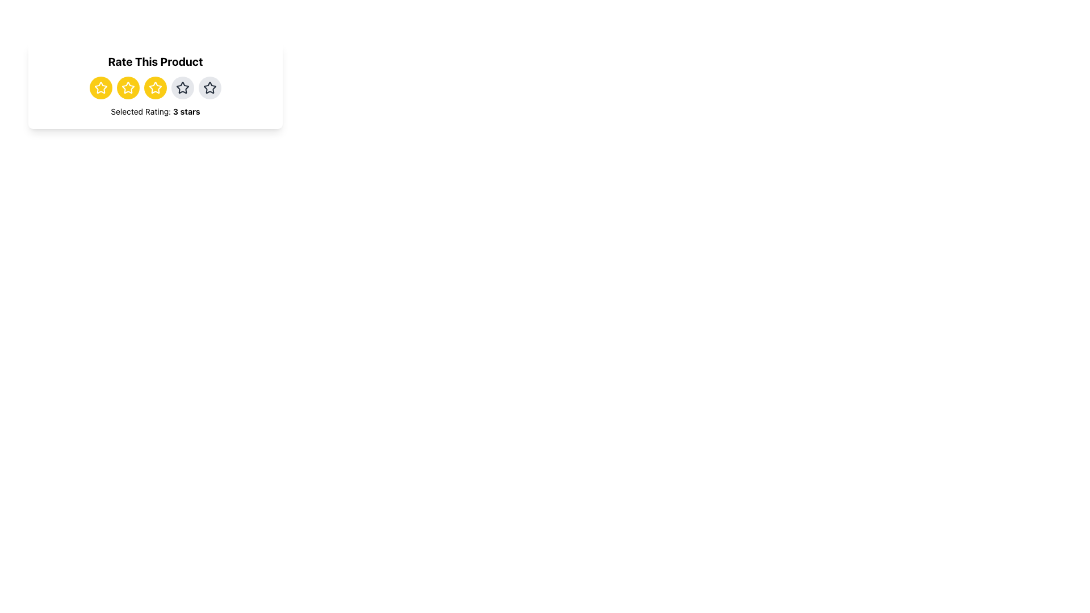  Describe the element at coordinates (182, 87) in the screenshot. I see `the circular light gray button with a black outlined star icon, which is the fourth button from the left in a horizontal row of rating buttons` at that location.